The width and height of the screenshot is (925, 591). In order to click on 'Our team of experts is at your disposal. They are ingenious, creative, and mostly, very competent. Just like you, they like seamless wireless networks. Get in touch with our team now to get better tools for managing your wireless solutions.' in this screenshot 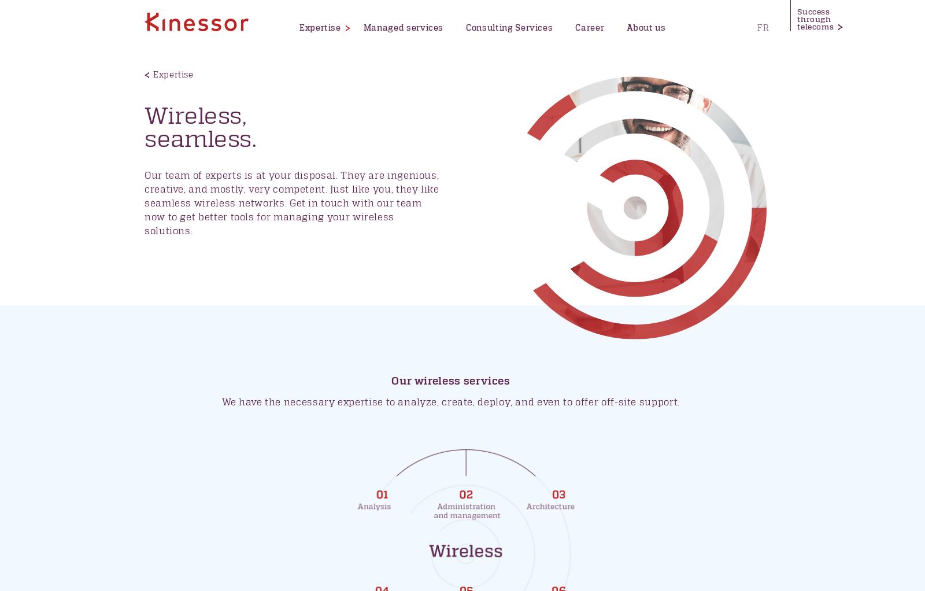, I will do `click(144, 203)`.